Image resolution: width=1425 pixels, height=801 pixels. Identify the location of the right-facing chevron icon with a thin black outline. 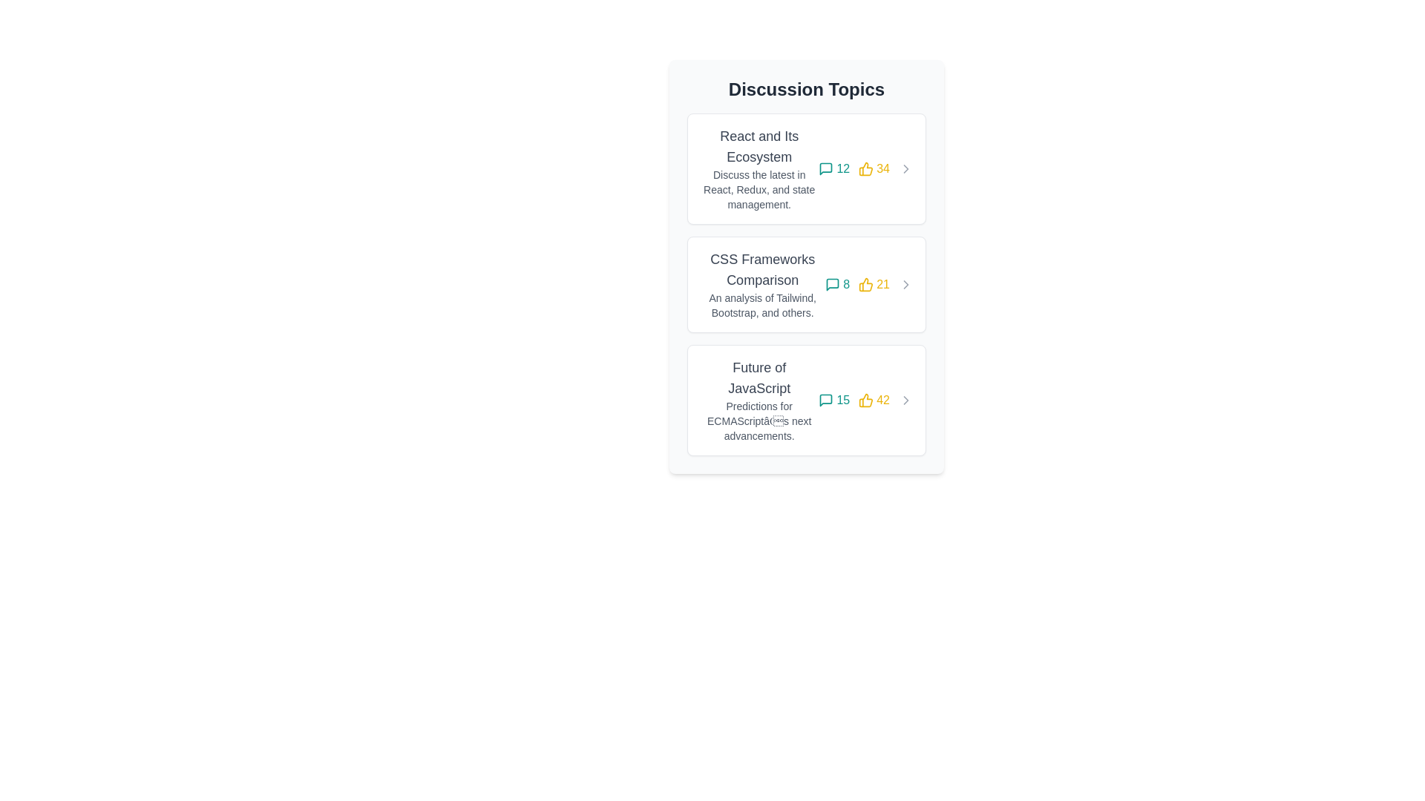
(905, 400).